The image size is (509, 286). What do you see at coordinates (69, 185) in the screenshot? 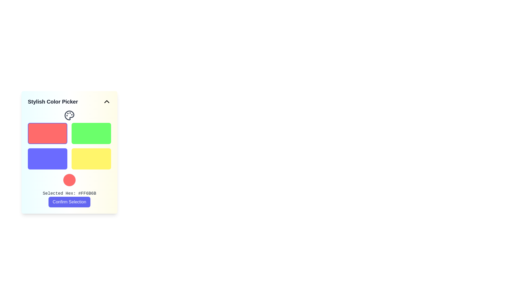
I see `the text displaying the currently selected color's hex code in the Display panel of the Stylish Color Picker to copy it (if interactive)` at bounding box center [69, 185].